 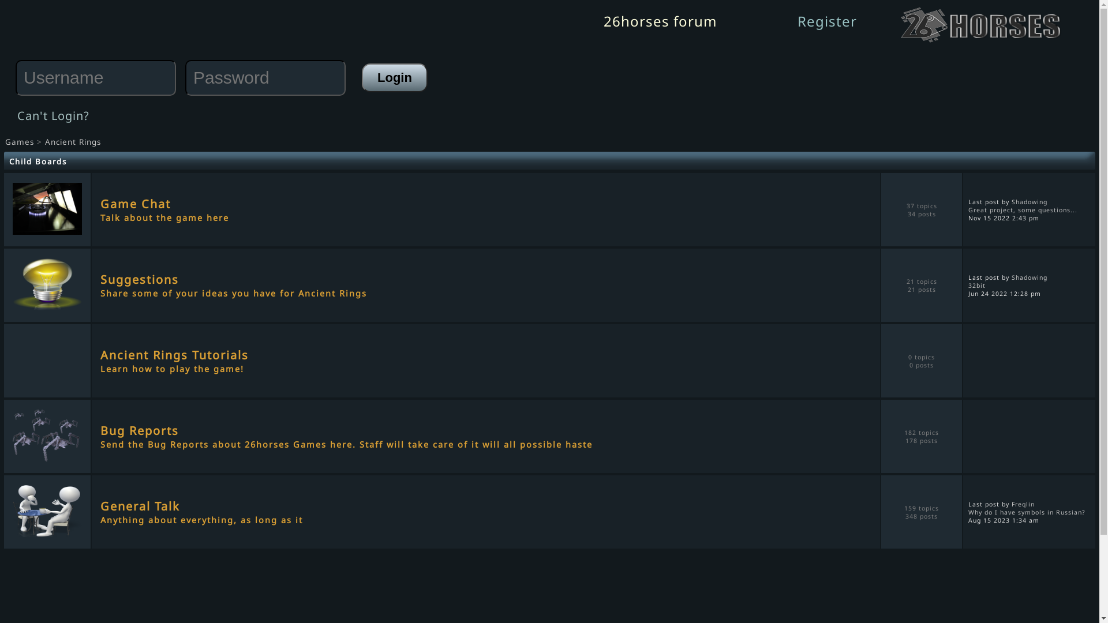 What do you see at coordinates (1023, 502) in the screenshot?
I see `'Freqlin'` at bounding box center [1023, 502].